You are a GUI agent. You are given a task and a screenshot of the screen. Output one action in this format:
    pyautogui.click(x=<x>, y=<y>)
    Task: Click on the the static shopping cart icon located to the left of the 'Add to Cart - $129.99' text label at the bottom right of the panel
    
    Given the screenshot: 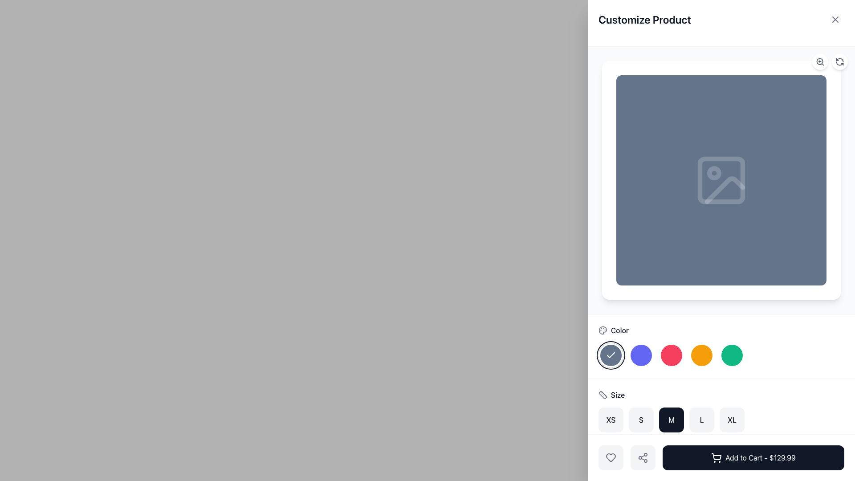 What is the action you would take?
    pyautogui.click(x=717, y=457)
    